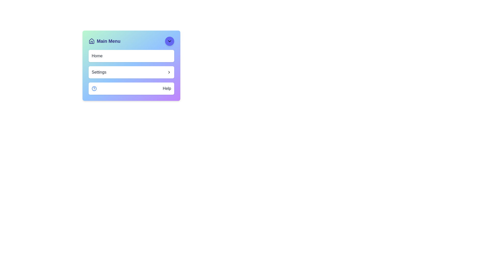 The height and width of the screenshot is (275, 489). Describe the element at coordinates (97, 56) in the screenshot. I see `the text label that serves as a navigation label for the home section, positioned under the 'Main Menu' title and home icon` at that location.